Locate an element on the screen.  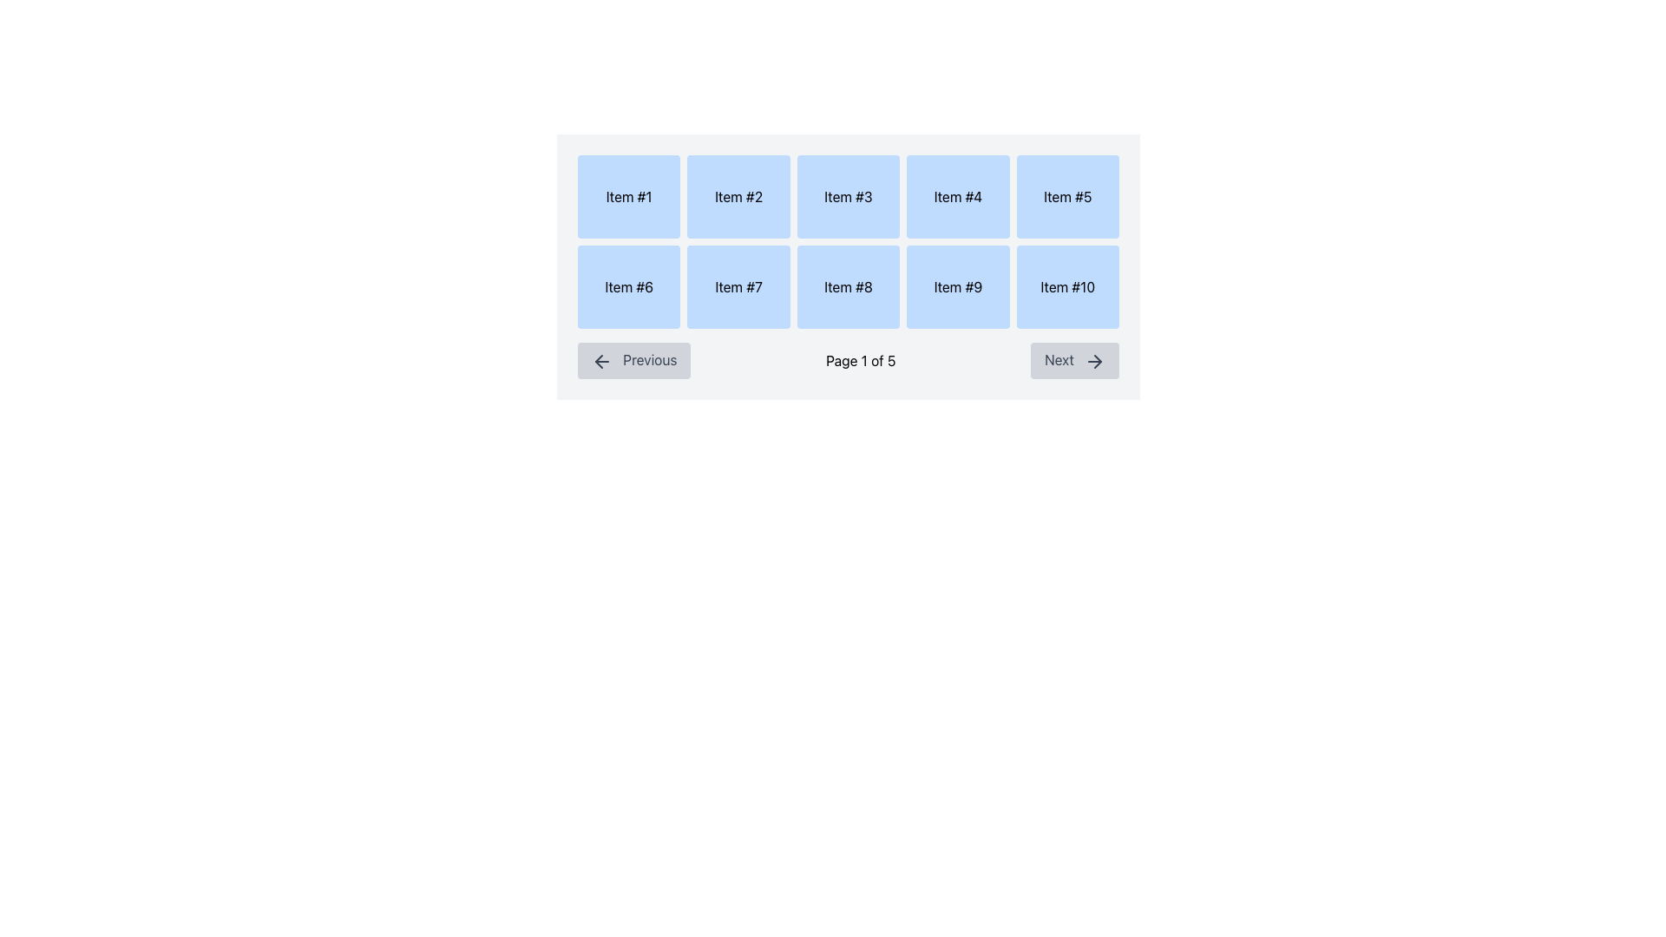
the rectangular button labeled 'Item #6' with a blue background and bold black text, located in the second row, first column of the grid is located at coordinates (628, 286).